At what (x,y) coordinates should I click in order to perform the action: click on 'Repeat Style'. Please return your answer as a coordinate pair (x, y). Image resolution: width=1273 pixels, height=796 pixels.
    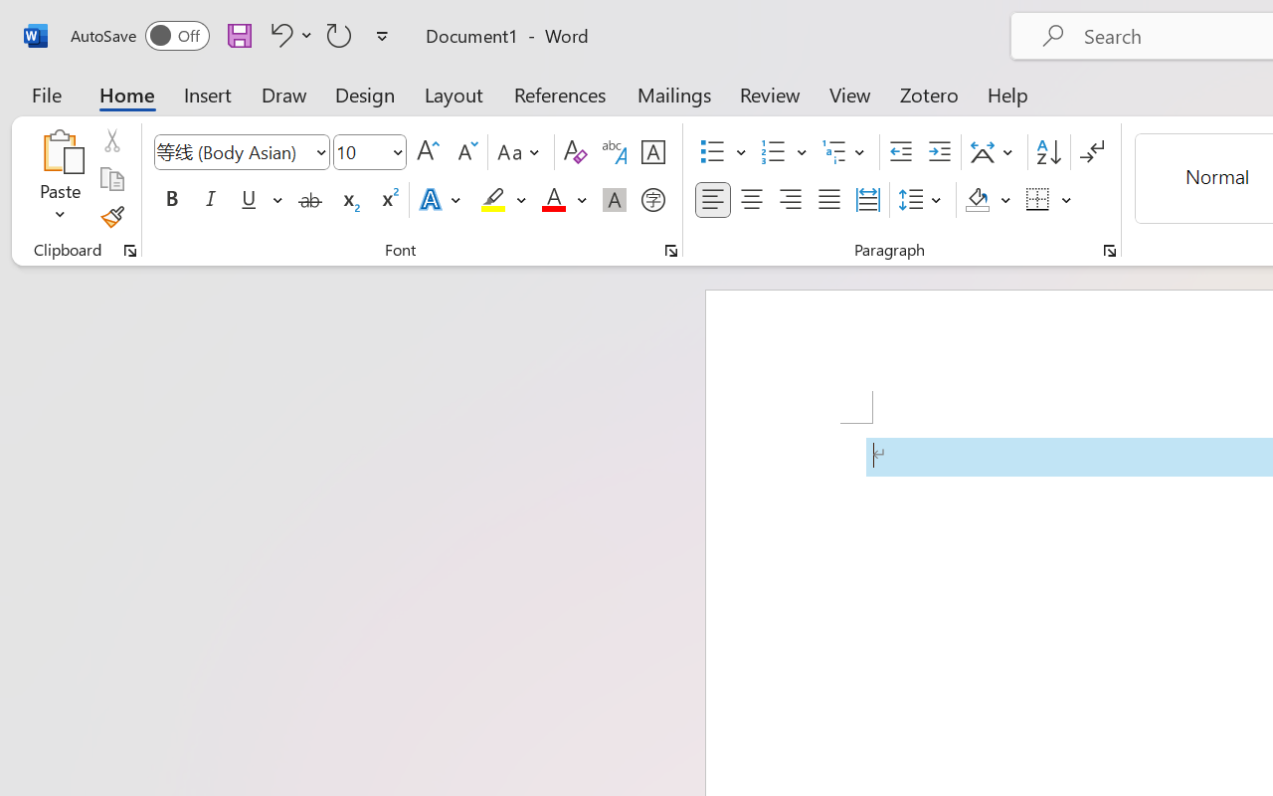
    Looking at the image, I should click on (339, 34).